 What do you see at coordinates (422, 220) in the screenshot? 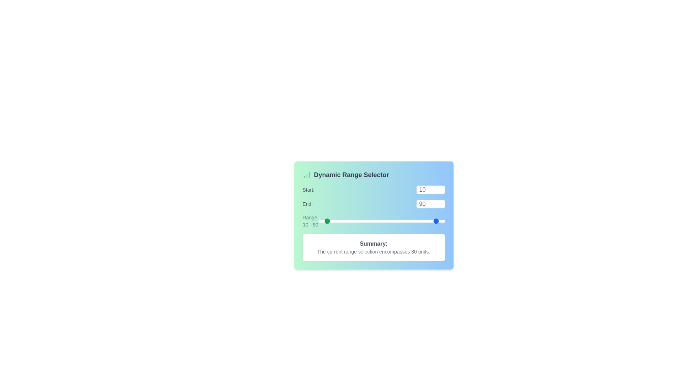
I see `the 'End' slider to set the range end value to 64` at bounding box center [422, 220].